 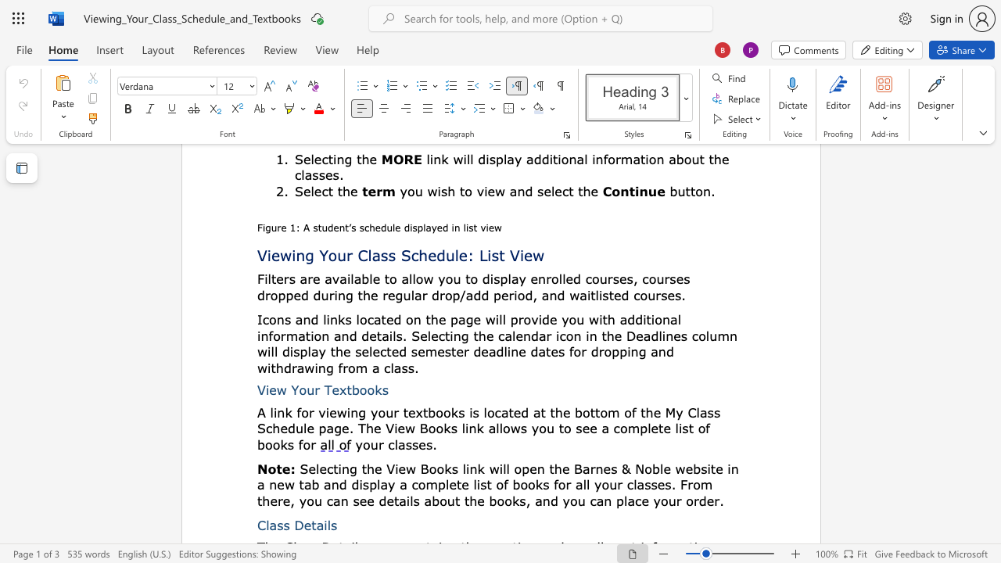 I want to click on the 5th character "u" in the text, so click(x=672, y=500).